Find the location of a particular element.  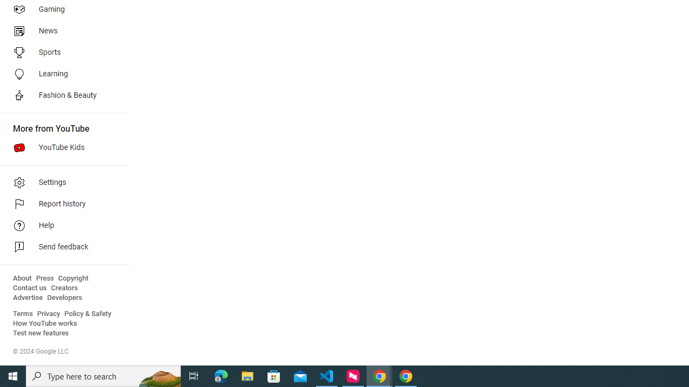

'About' is located at coordinates (22, 278).